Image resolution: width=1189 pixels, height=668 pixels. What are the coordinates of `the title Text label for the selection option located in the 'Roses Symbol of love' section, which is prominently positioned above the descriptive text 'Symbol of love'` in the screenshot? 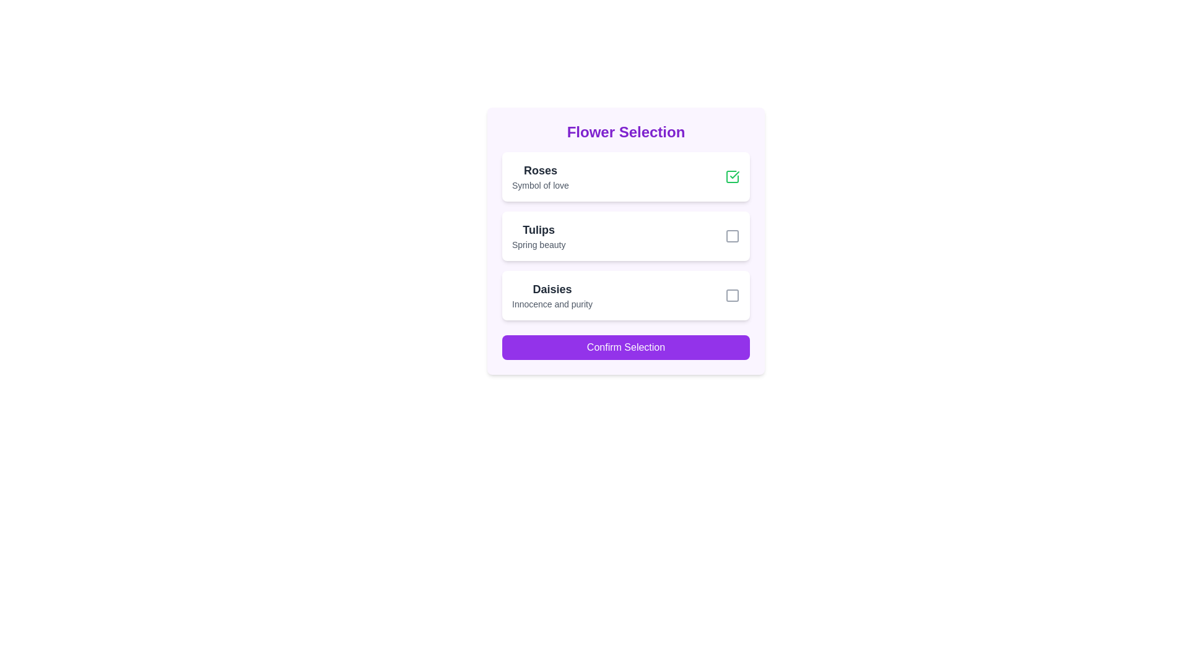 It's located at (540, 171).